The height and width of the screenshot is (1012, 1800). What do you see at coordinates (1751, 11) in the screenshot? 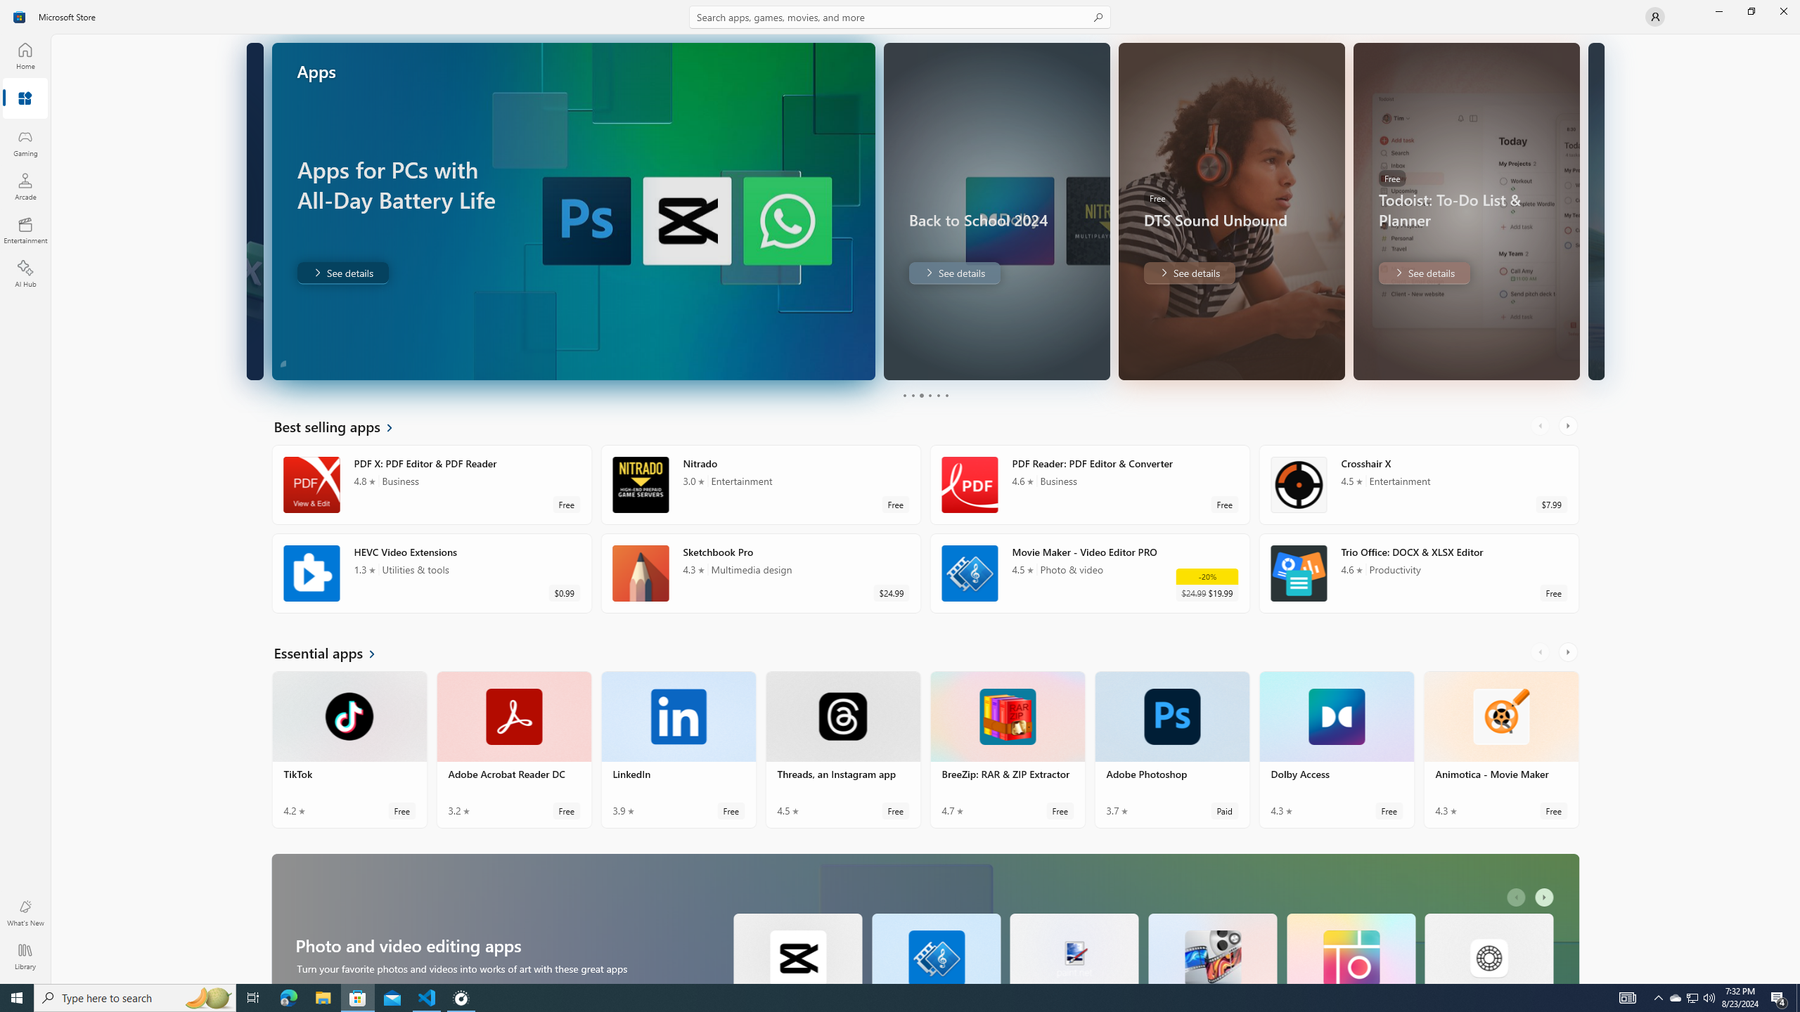
I see `'Restore Microsoft Store'` at bounding box center [1751, 11].